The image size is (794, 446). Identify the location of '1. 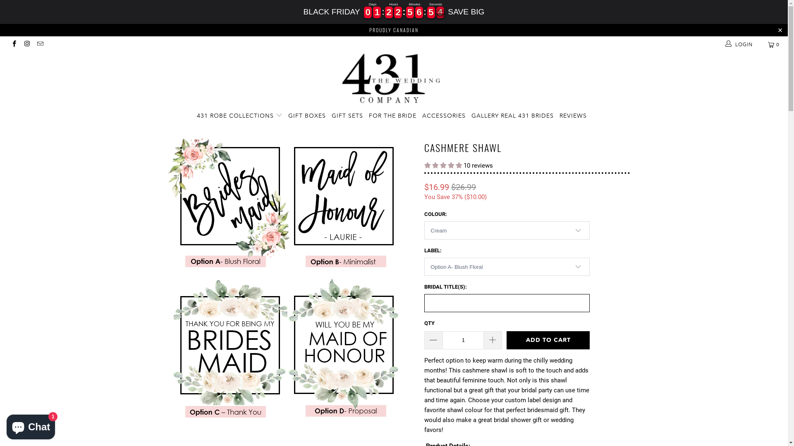
(398, 12).